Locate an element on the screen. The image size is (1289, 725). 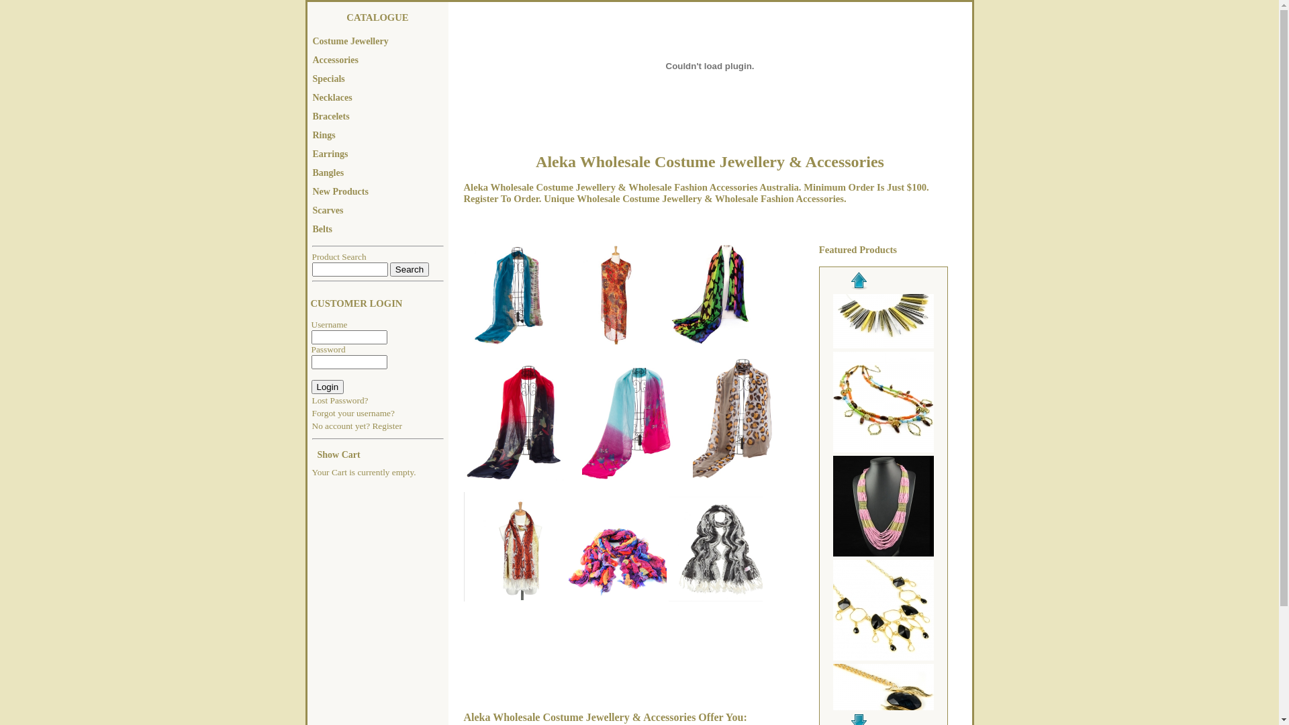
'Necklaces' is located at coordinates (377, 97).